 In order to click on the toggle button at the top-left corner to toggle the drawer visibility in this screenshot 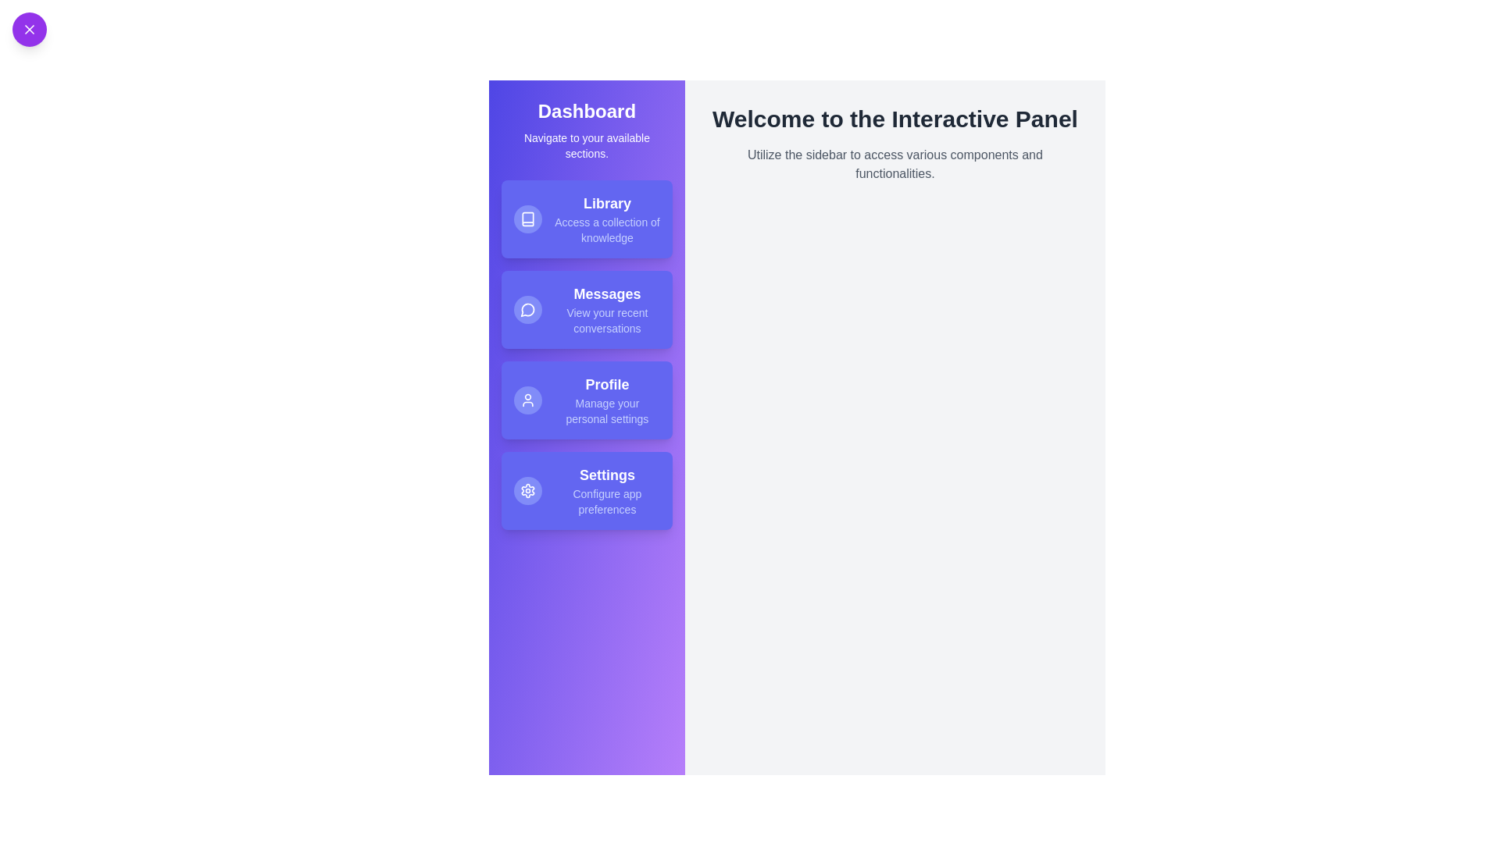, I will do `click(30, 30)`.